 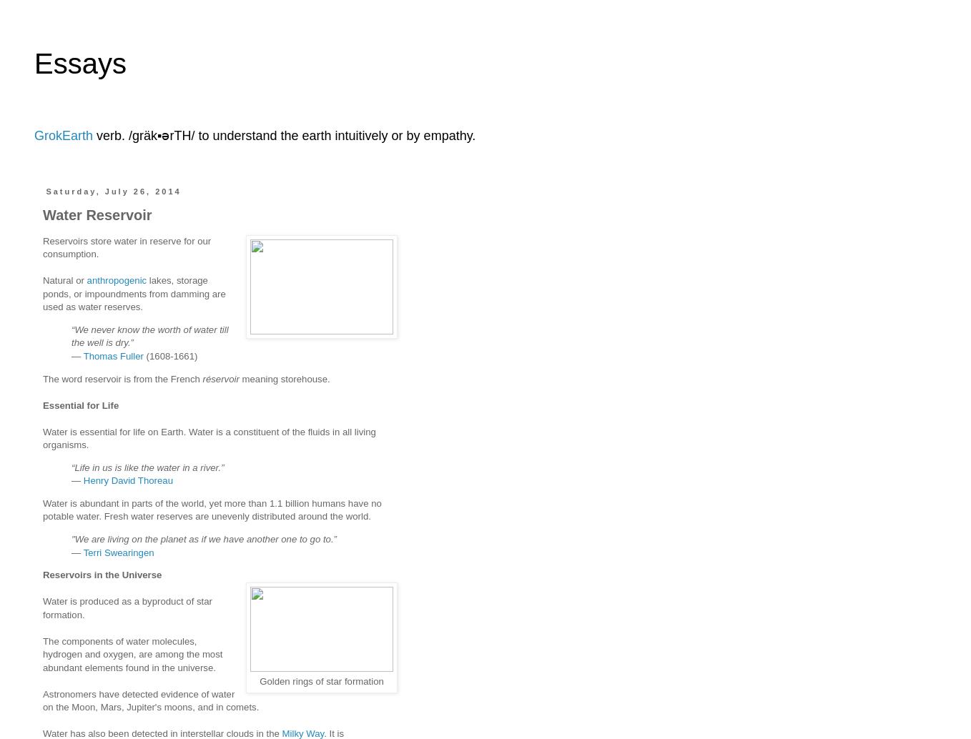 What do you see at coordinates (122, 378) in the screenshot?
I see `'The word reservoir is from the French'` at bounding box center [122, 378].